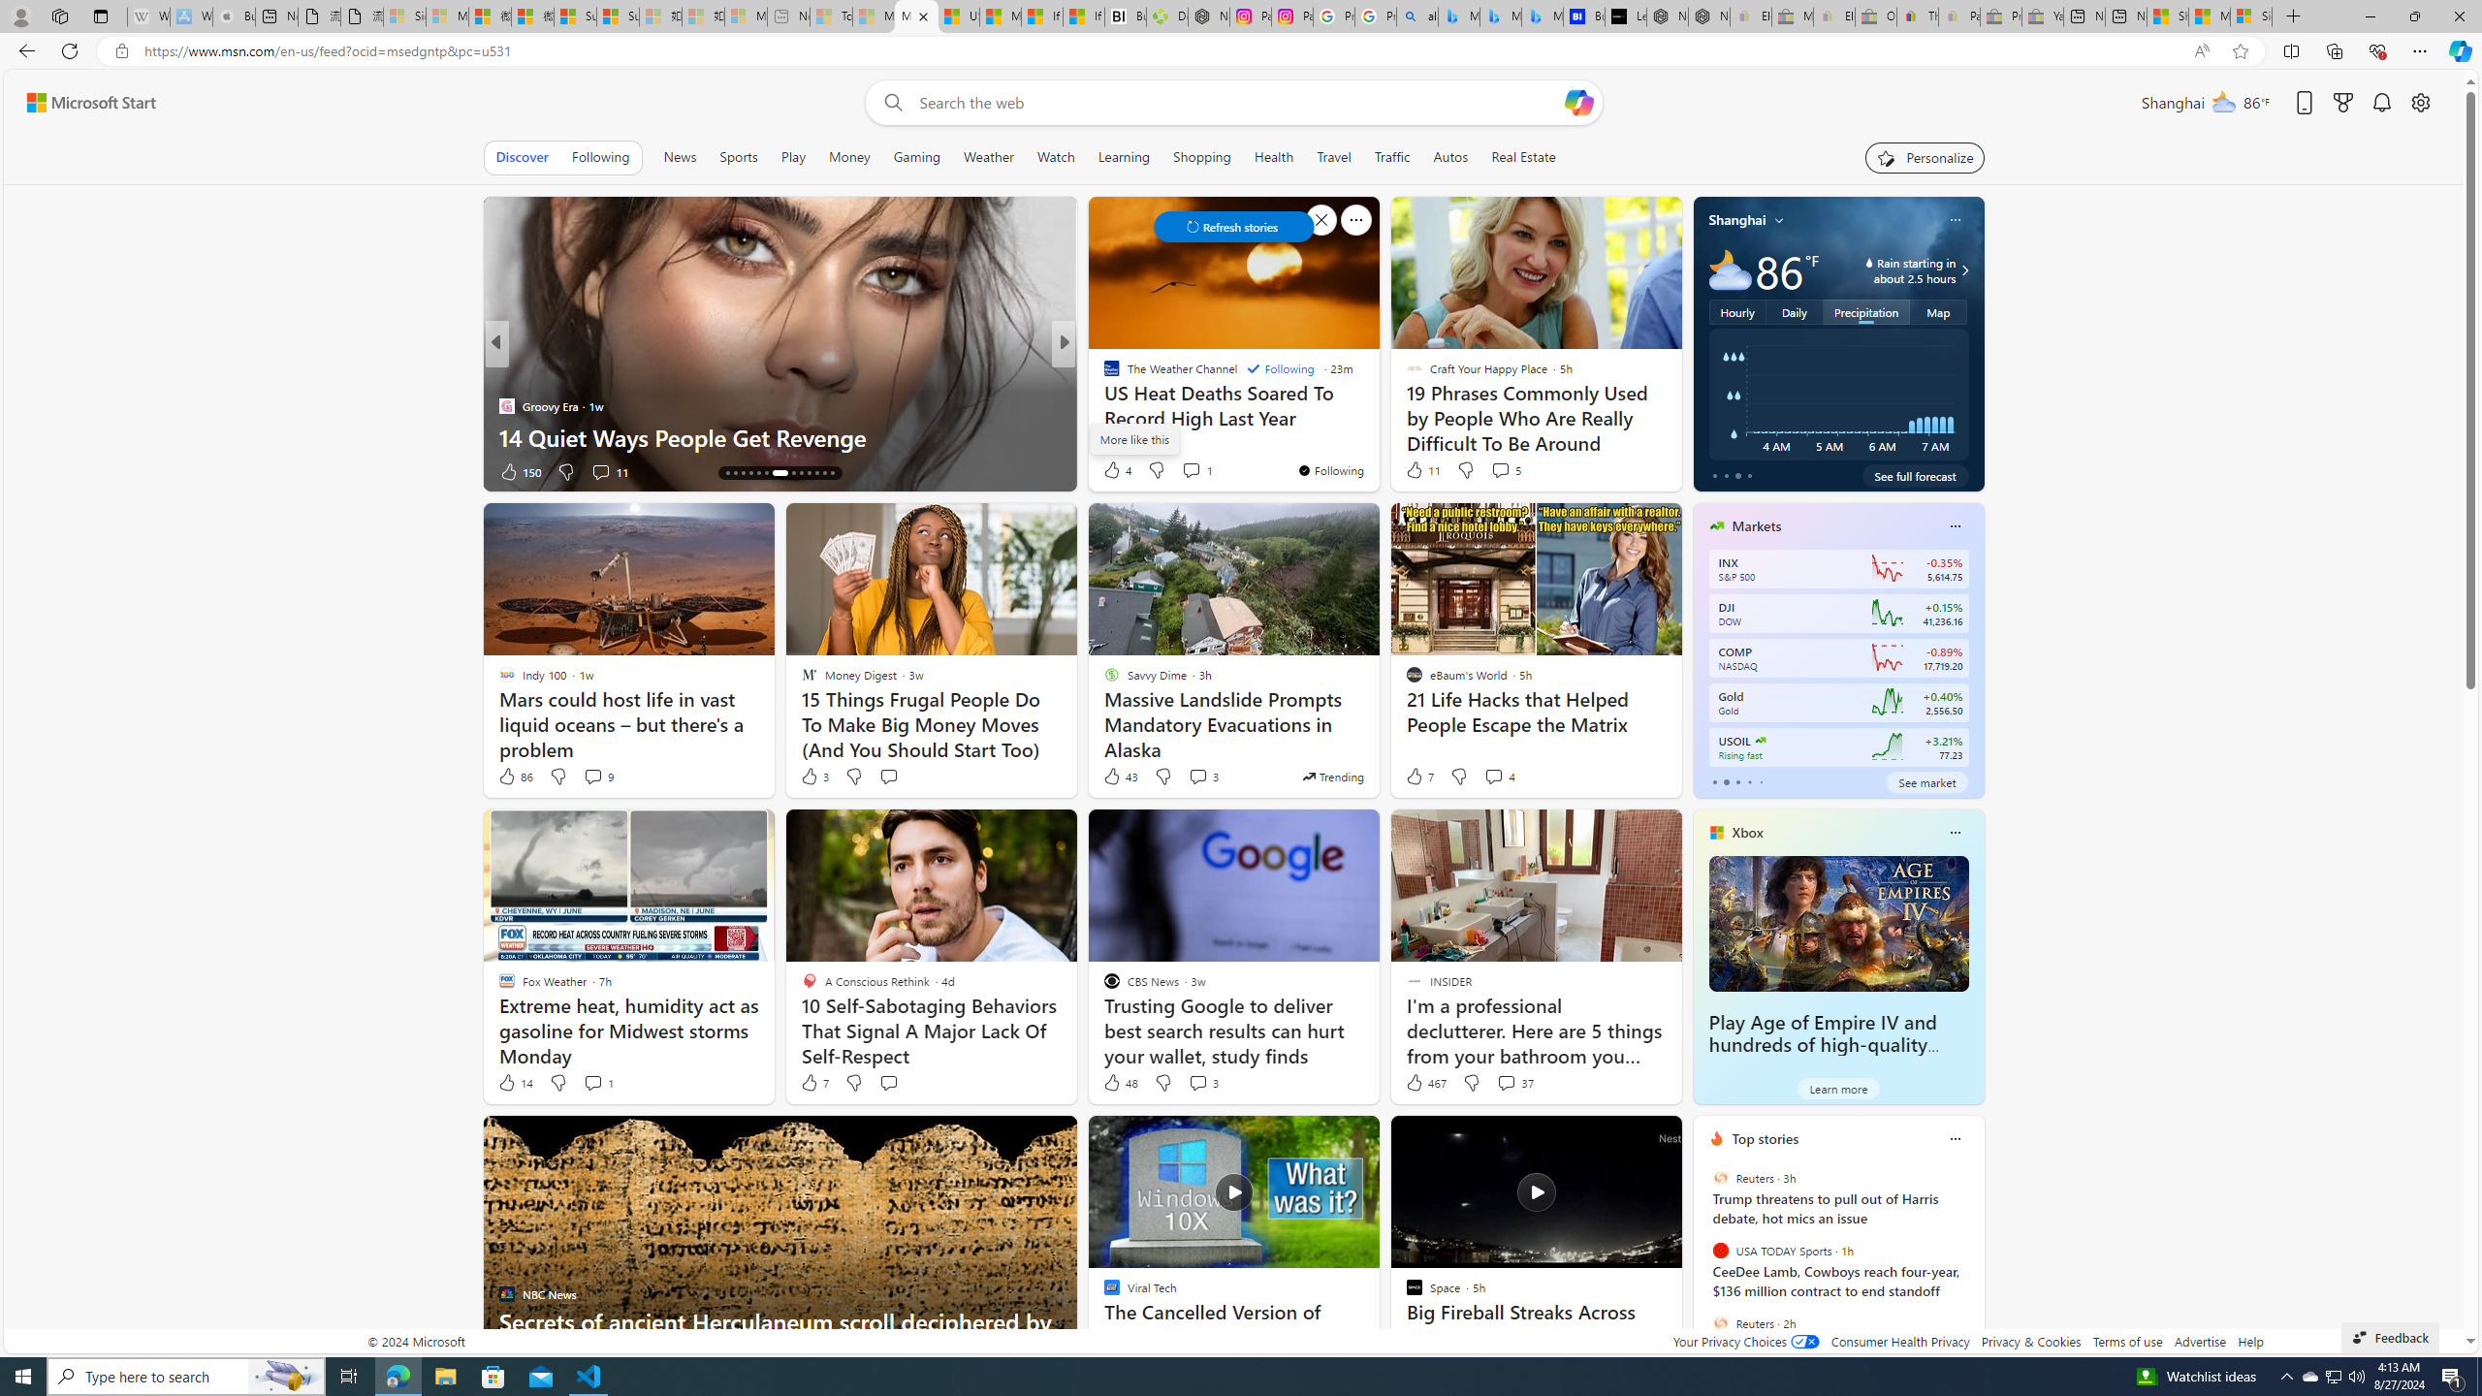 The width and height of the screenshot is (2482, 1396). I want to click on 'Microsoft Services Agreement - Sleeping', so click(446, 16).